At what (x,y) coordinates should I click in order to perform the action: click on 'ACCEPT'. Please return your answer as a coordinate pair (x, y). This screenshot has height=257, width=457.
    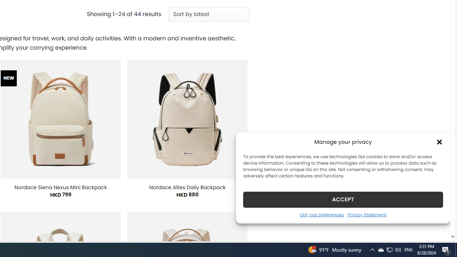
    Looking at the image, I should click on (343, 199).